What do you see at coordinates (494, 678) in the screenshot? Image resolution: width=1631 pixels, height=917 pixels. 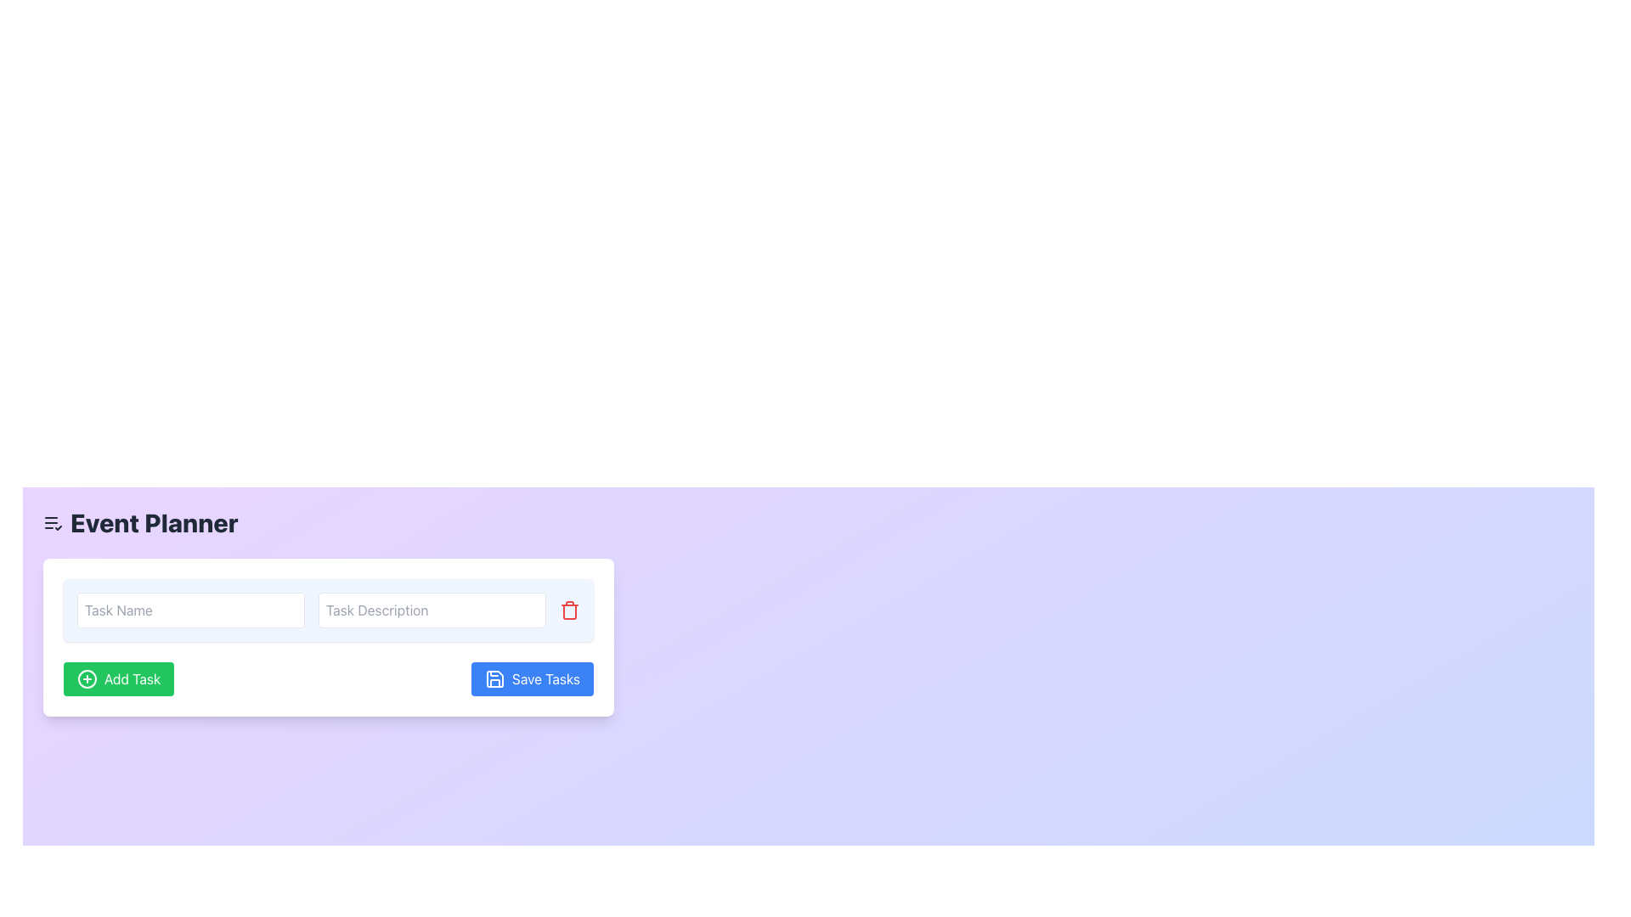 I see `the decorative icon within the blue 'Save Tasks' button located on the right side of the task management component` at bounding box center [494, 678].